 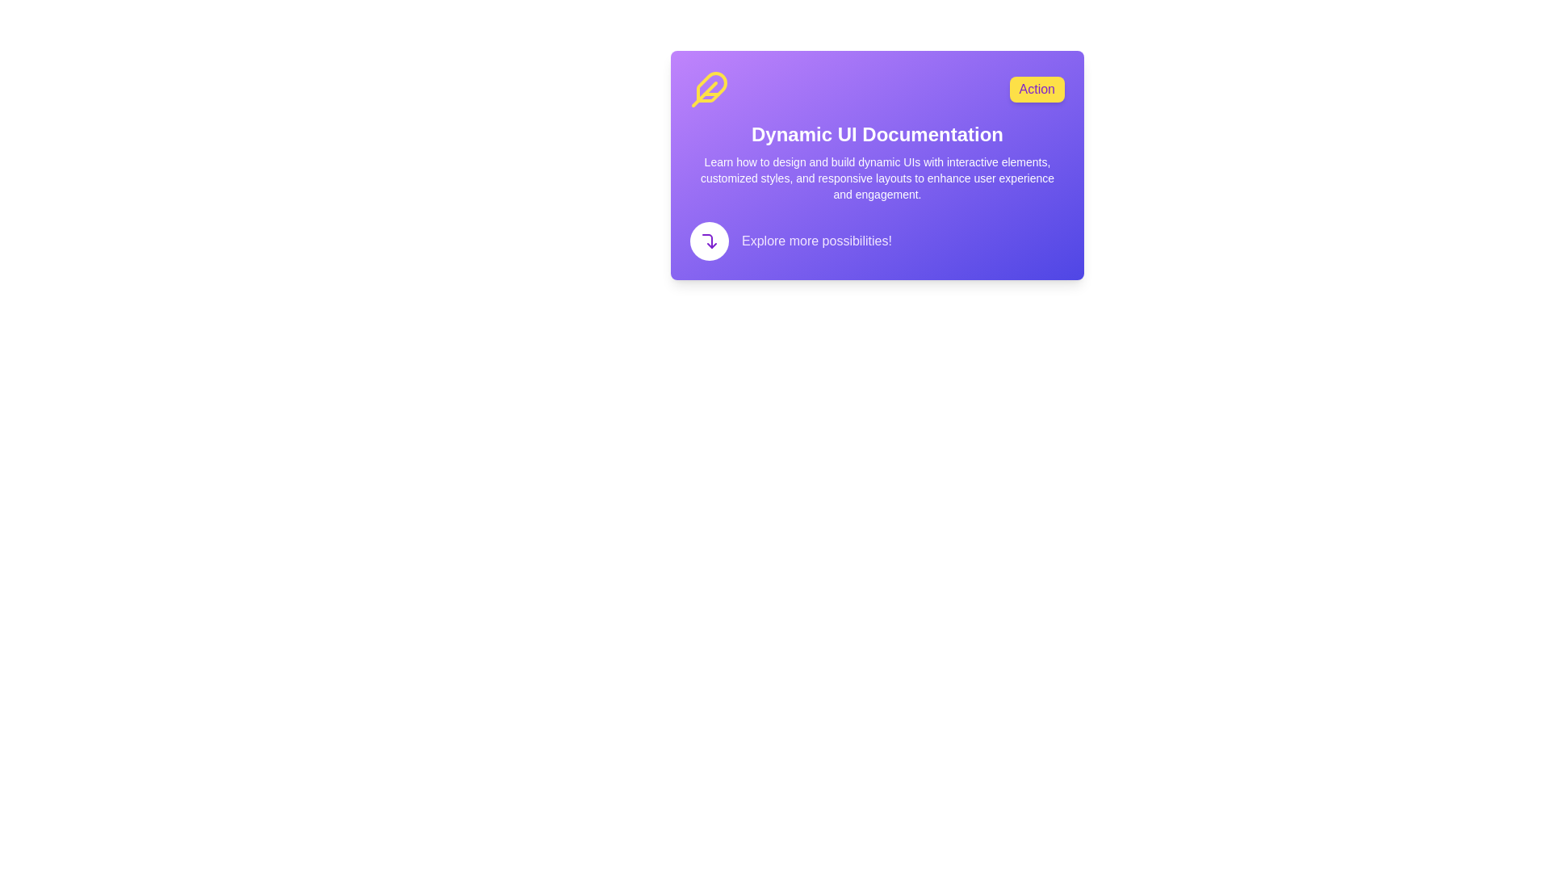 I want to click on the instructional text element that provides information about designing dynamic user interfaces, located below the main title 'Dynamic UI Documentation' and above 'Explore more possibilities!', so click(x=876, y=178).